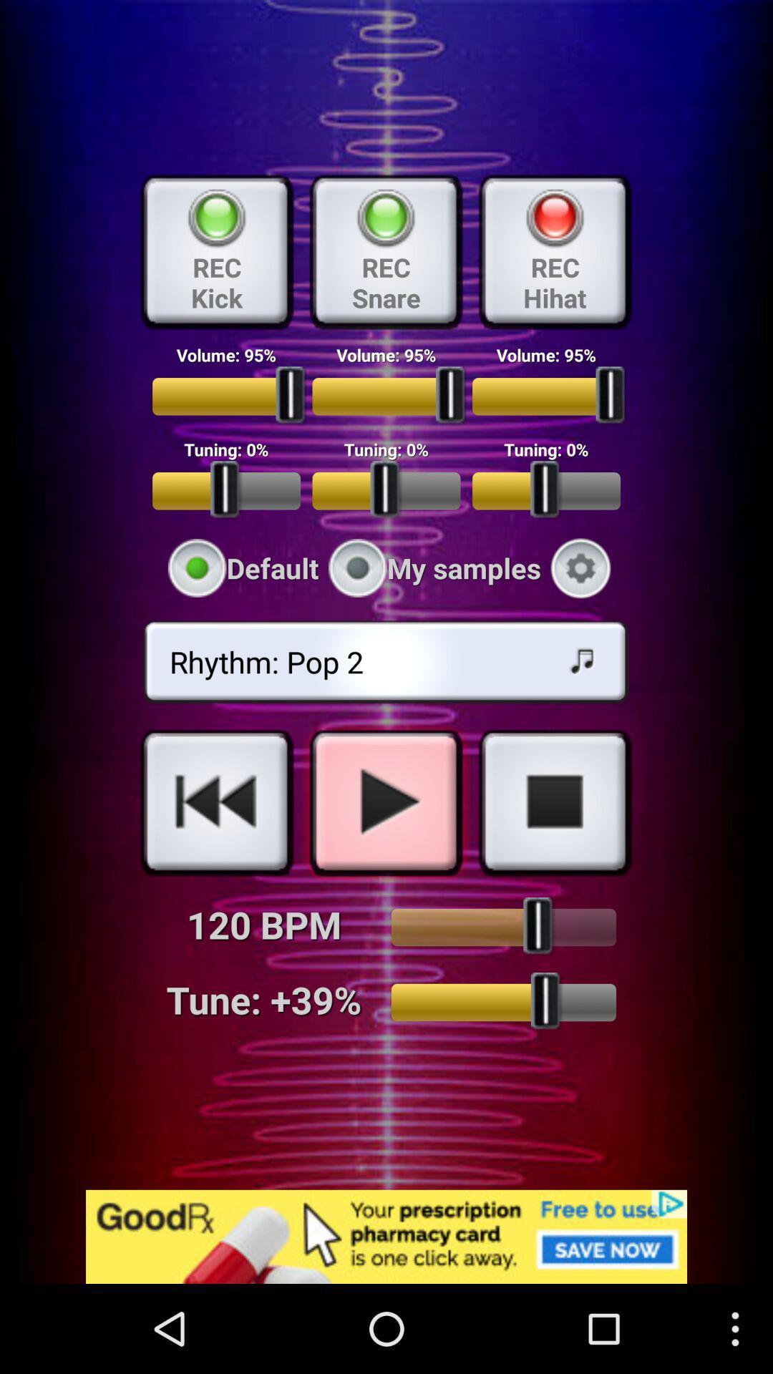 This screenshot has height=1374, width=773. Describe the element at coordinates (385, 802) in the screenshot. I see `play` at that location.